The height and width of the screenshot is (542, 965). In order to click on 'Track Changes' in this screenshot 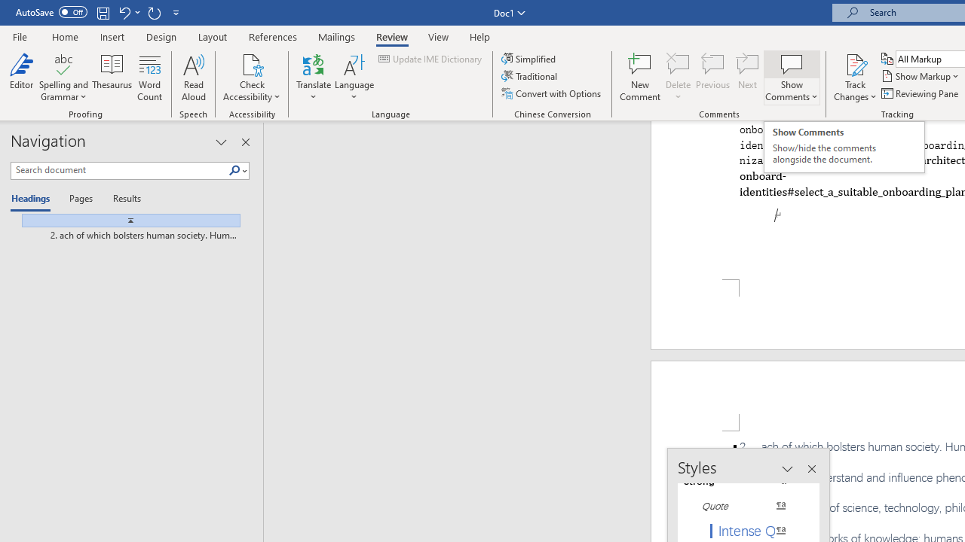, I will do `click(855, 63)`.